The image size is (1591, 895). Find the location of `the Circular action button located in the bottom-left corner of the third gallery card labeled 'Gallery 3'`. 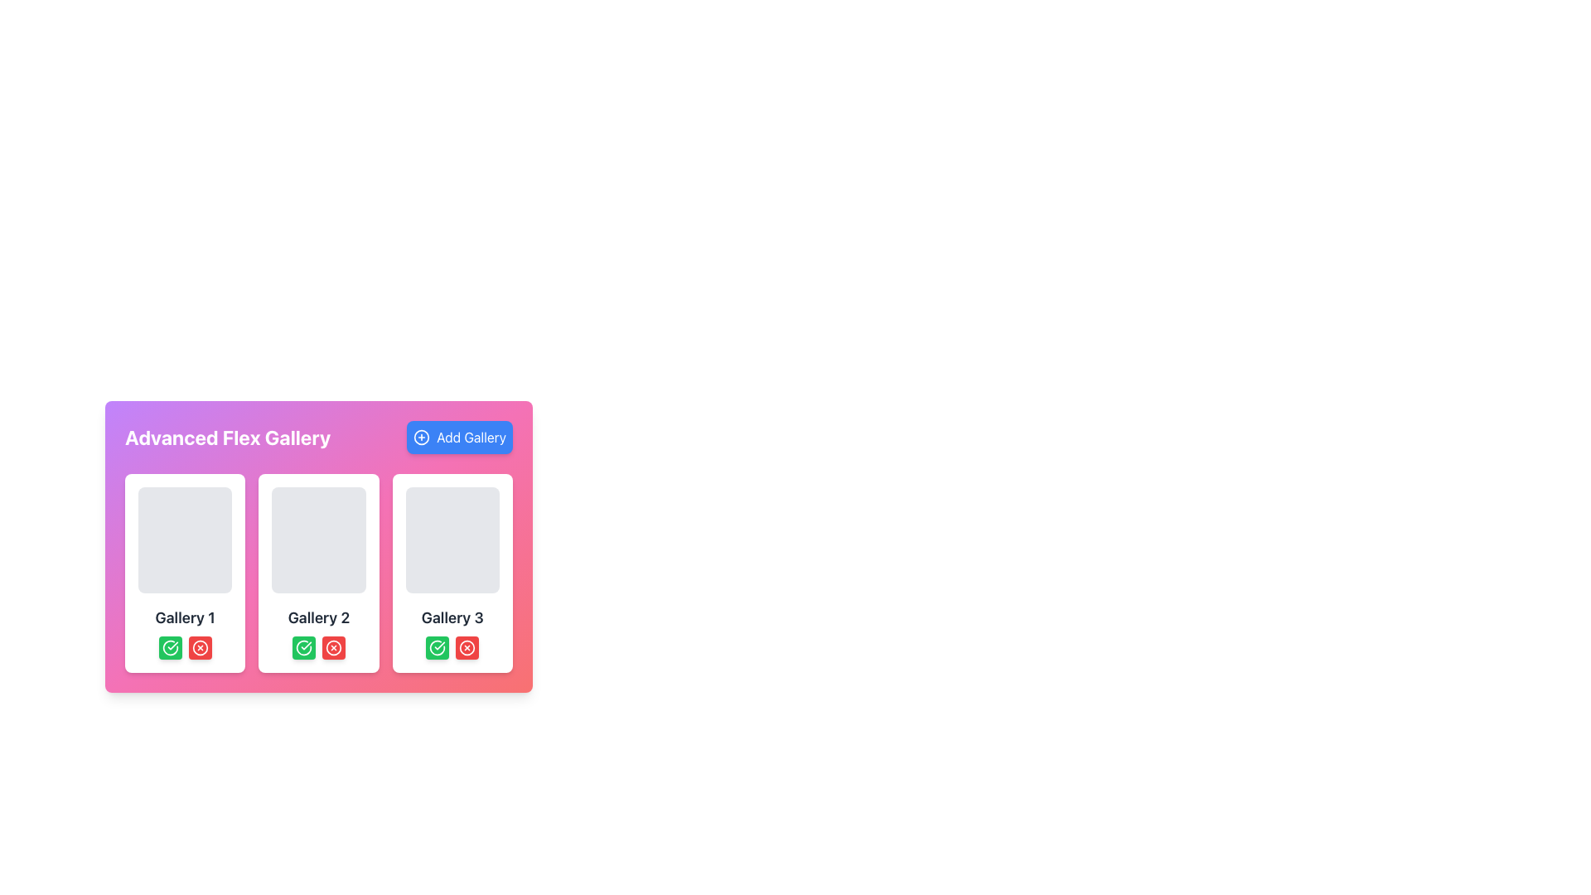

the Circular action button located in the bottom-left corner of the third gallery card labeled 'Gallery 3' is located at coordinates (438, 647).